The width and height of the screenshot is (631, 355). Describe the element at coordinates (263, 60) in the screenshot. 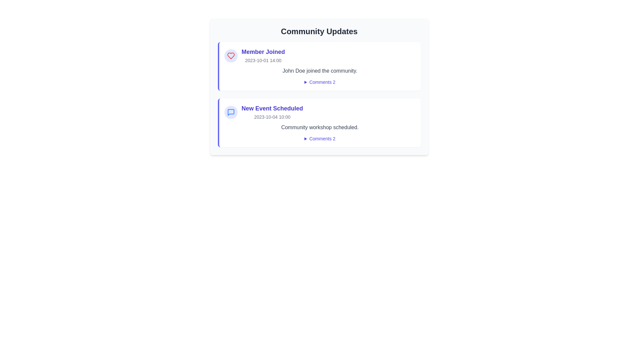

I see `timestamp displayed below the 'Member Joined' text in the 'Community Updates' panel, which indicates when the event occurred` at that location.